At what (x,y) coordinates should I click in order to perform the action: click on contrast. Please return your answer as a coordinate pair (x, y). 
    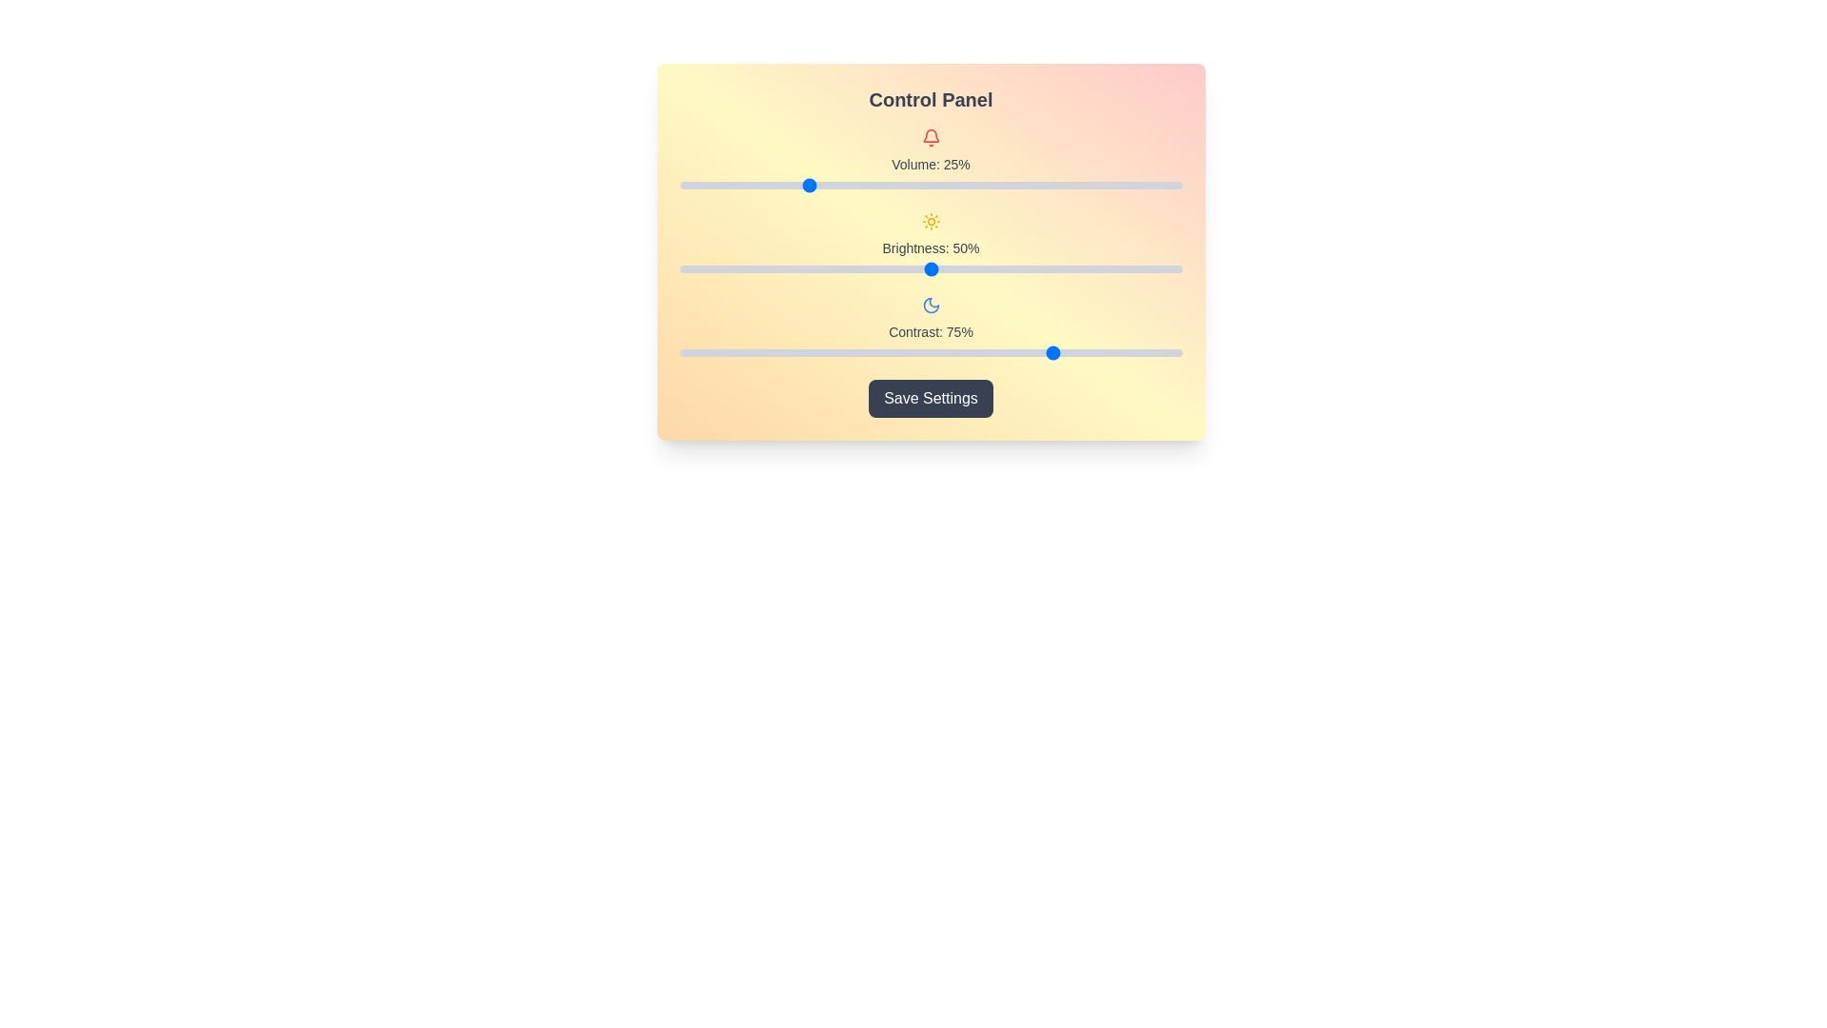
    Looking at the image, I should click on (780, 352).